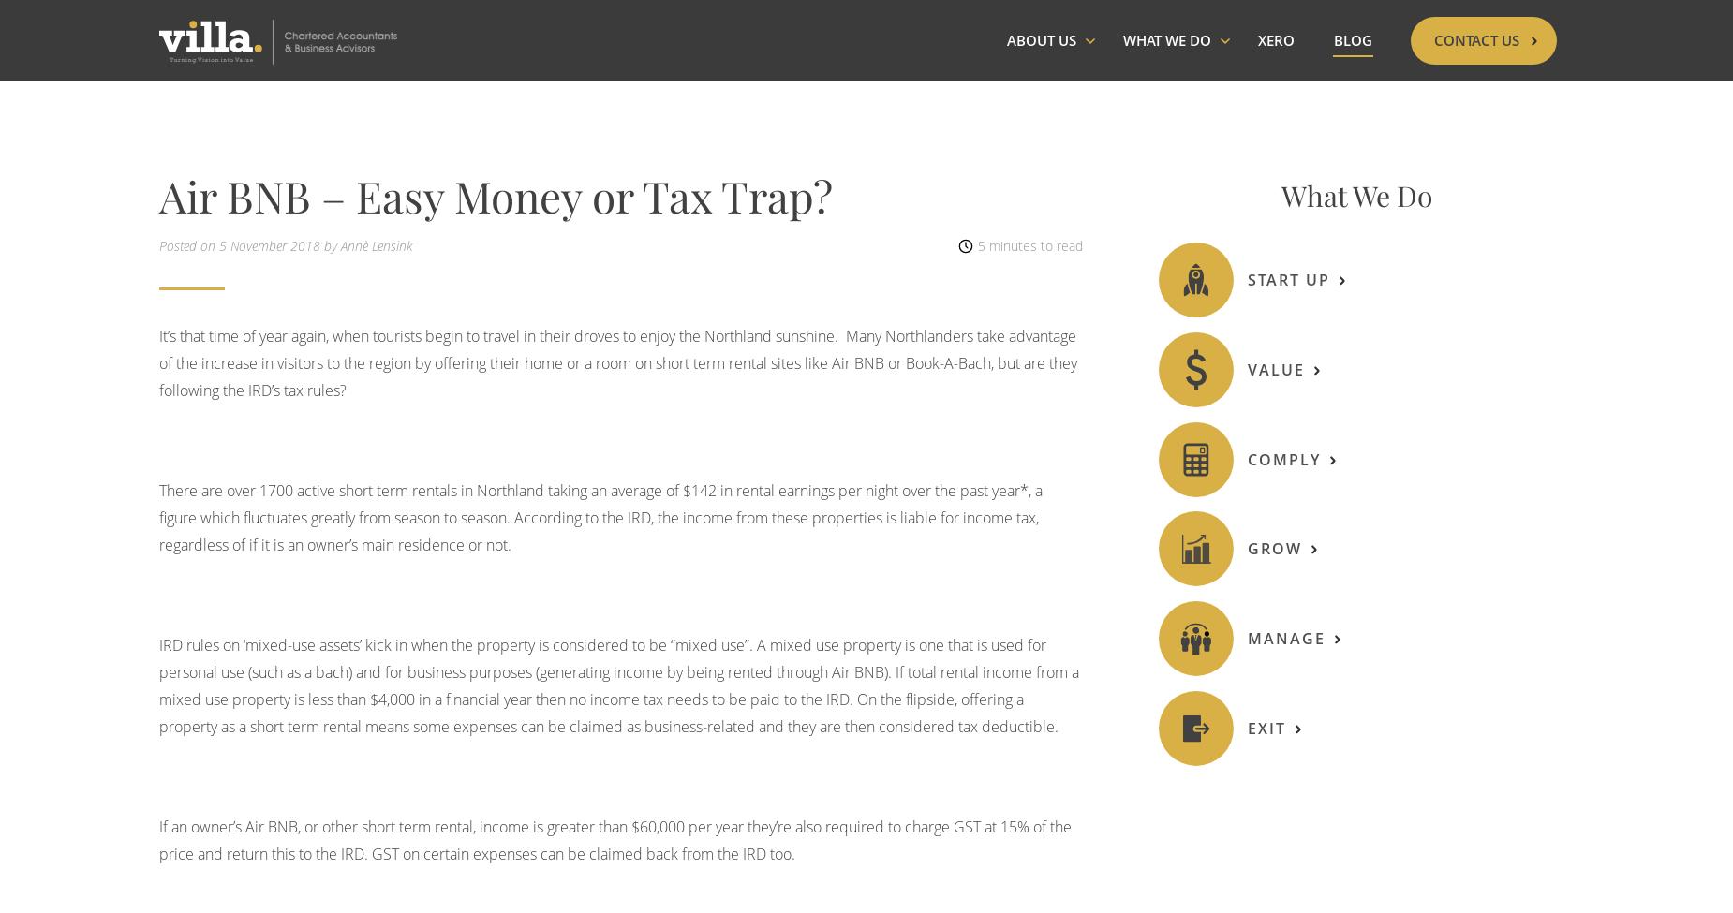  Describe the element at coordinates (618, 361) in the screenshot. I see `'It’s that time of year again, when tourists begin to travel in their droves to enjoy the Northland sunshine.  Many Northlanders take advantage of the increase in visitors to the region by offering their home or a room on short term rental sites like Air BNB or Book-A-Bach, but are they following the IRD’s tax rules?'` at that location.